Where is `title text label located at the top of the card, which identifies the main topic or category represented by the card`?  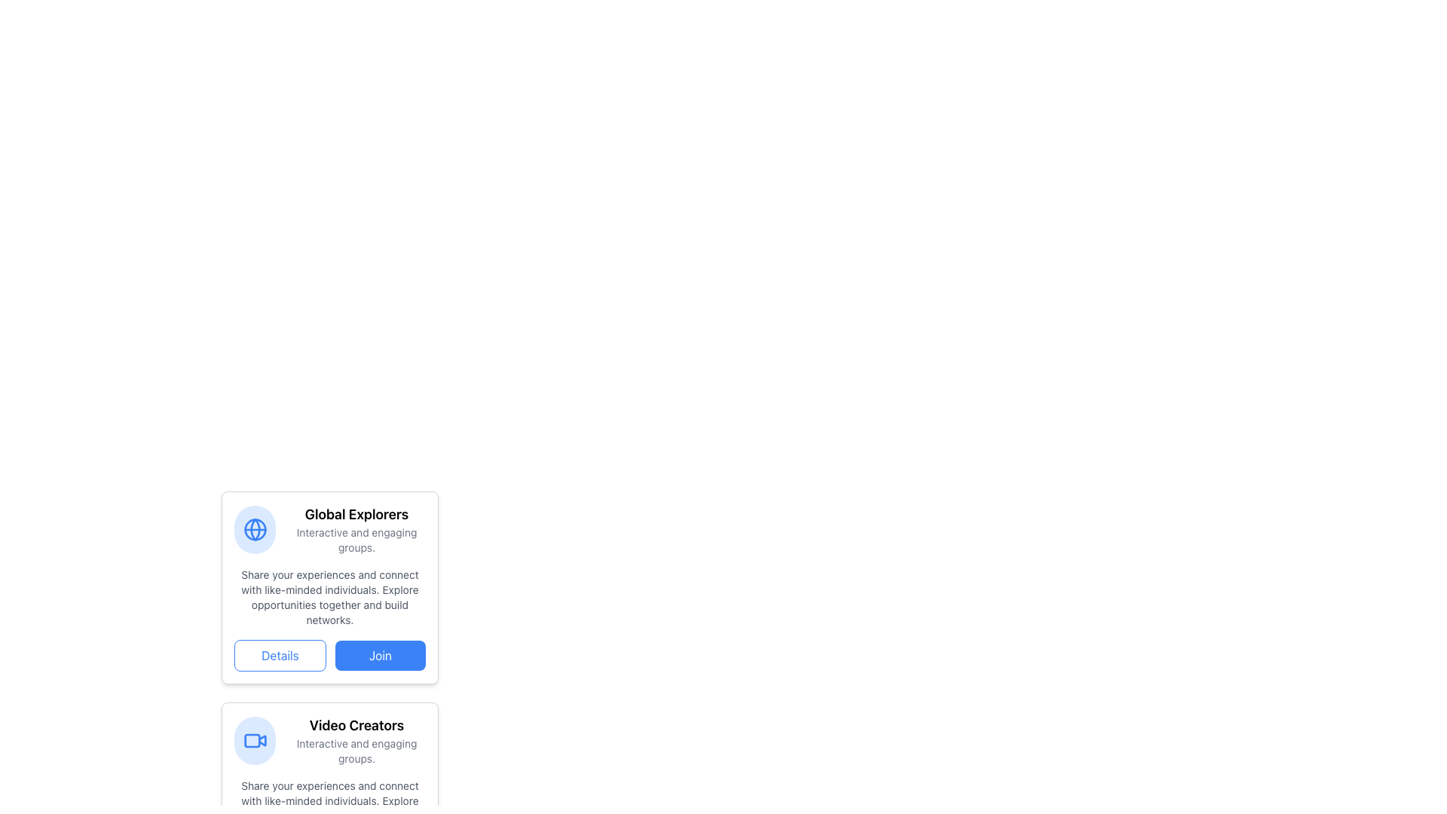
title text label located at the top of the card, which identifies the main topic or category represented by the card is located at coordinates (356, 513).